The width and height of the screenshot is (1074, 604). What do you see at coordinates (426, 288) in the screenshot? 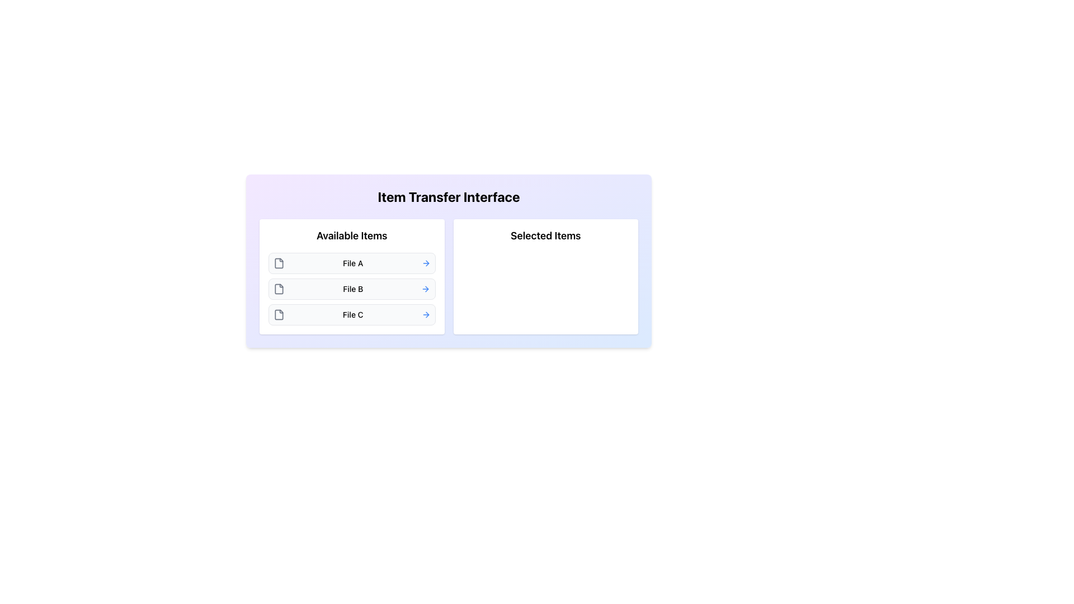
I see `the right-oriented arrow icon located adjacent to the 'File B' label in the 'Available Items' section` at bounding box center [426, 288].